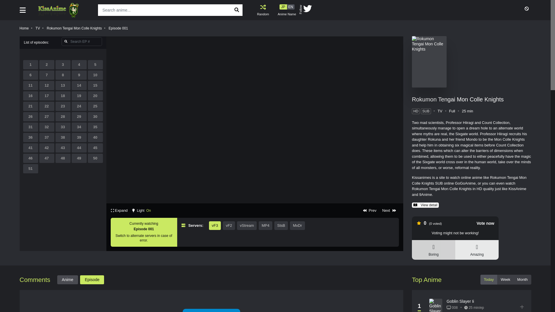 The width and height of the screenshot is (555, 312). What do you see at coordinates (47, 158) in the screenshot?
I see `'47'` at bounding box center [47, 158].